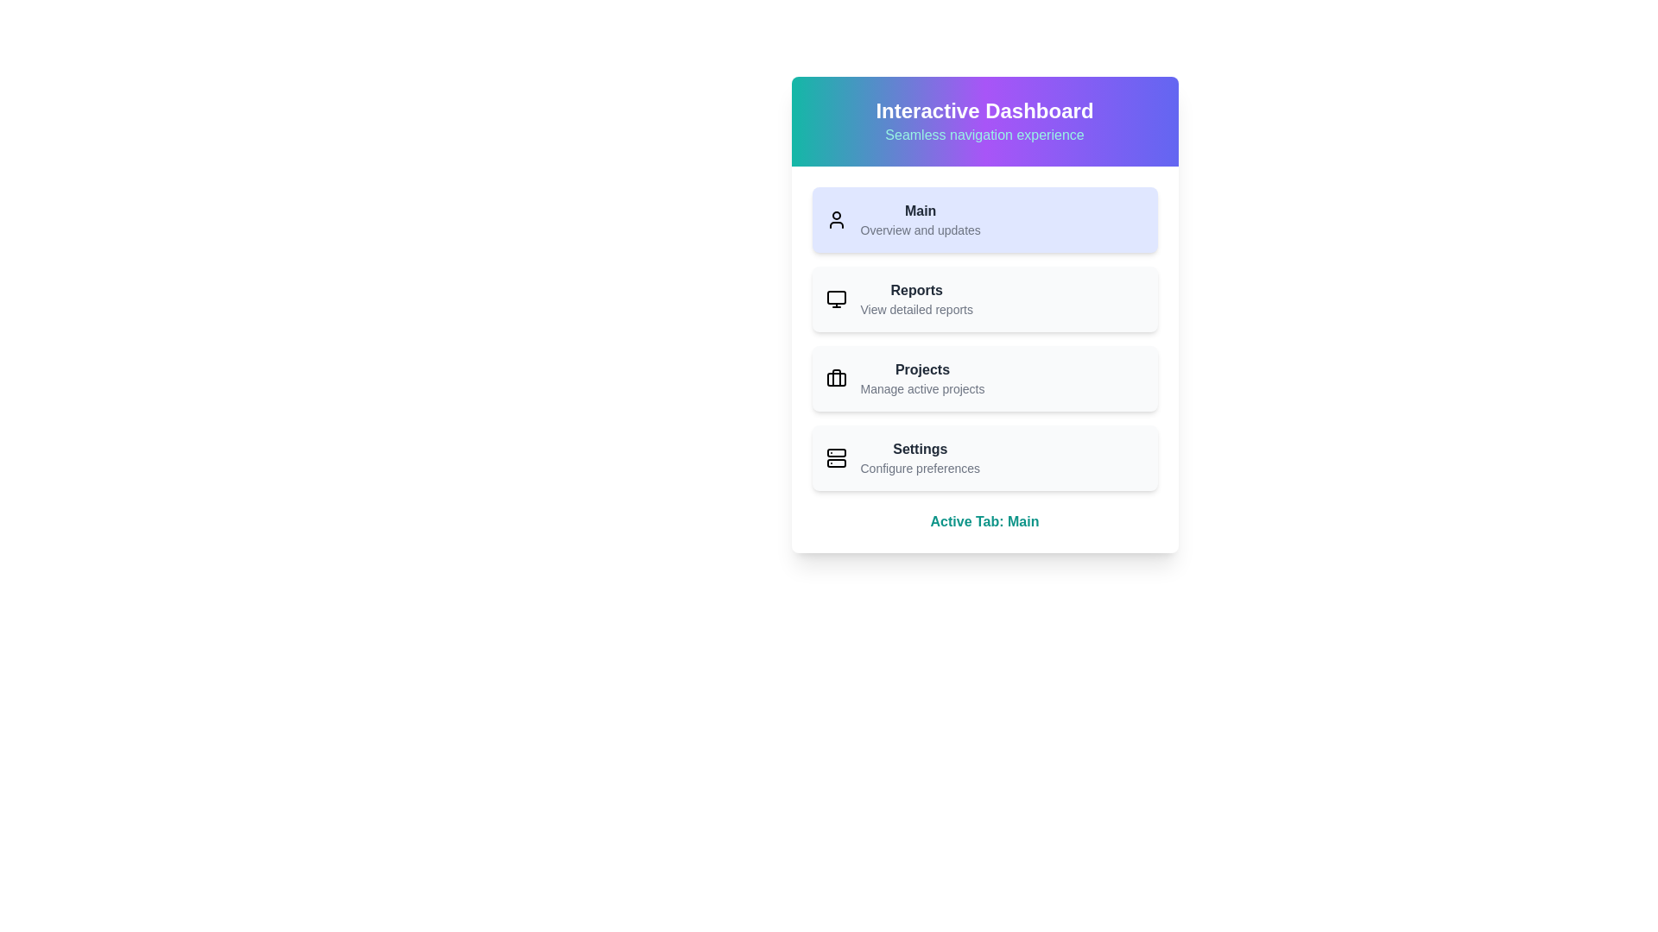 This screenshot has height=932, width=1658. What do you see at coordinates (984, 378) in the screenshot?
I see `the menu item labeled Projects` at bounding box center [984, 378].